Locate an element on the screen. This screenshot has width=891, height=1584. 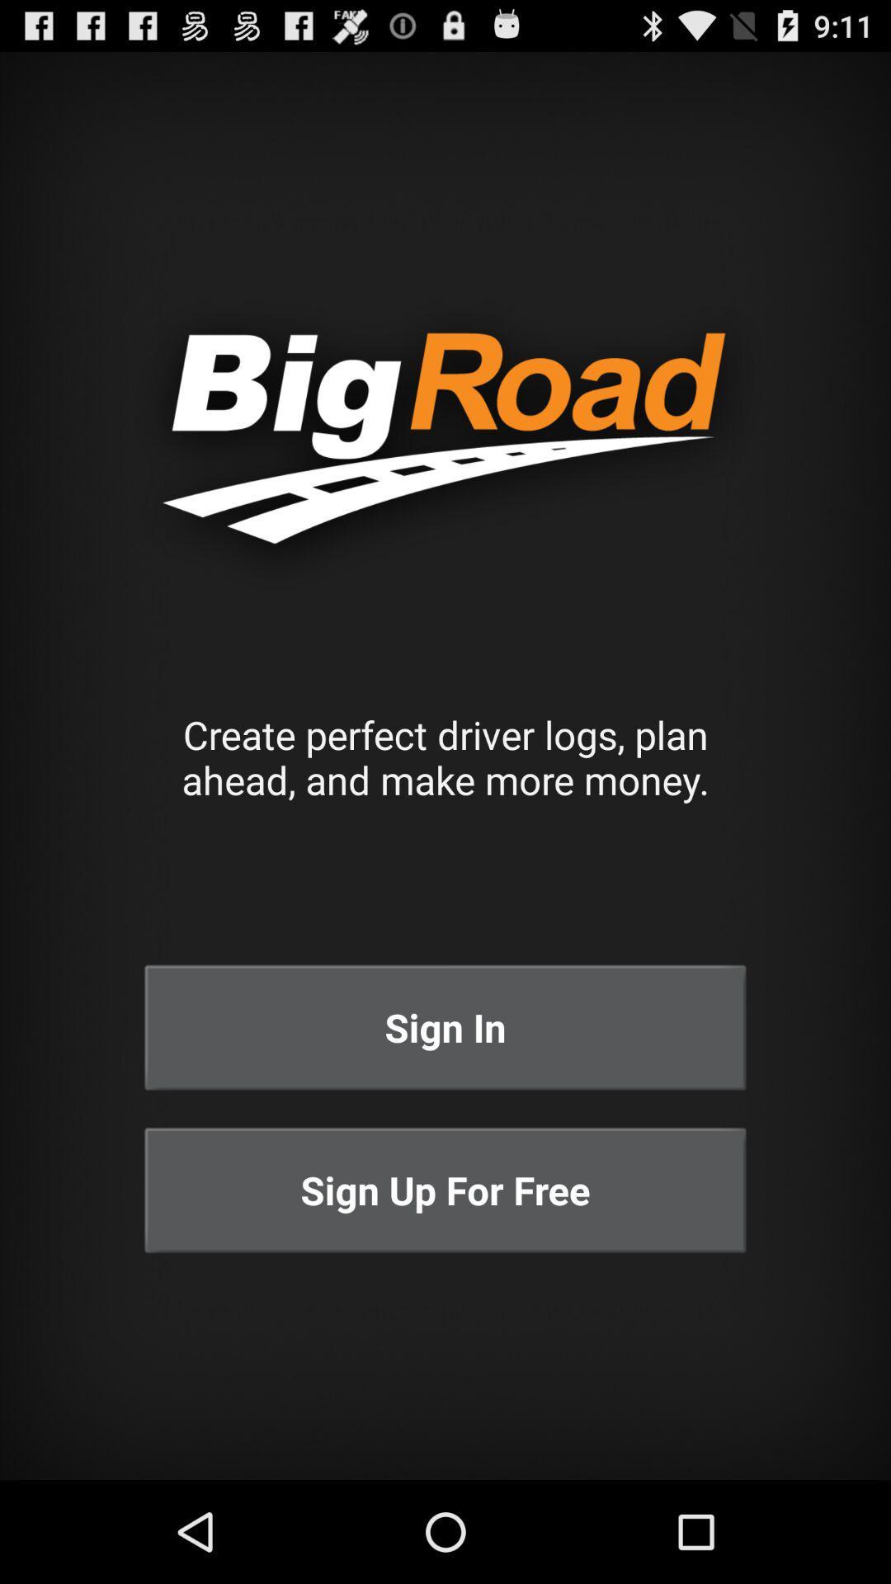
the sign up for item is located at coordinates (445, 1190).